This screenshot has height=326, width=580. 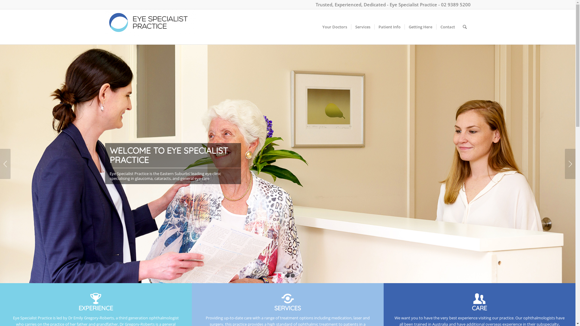 I want to click on '2', so click(x=288, y=276).